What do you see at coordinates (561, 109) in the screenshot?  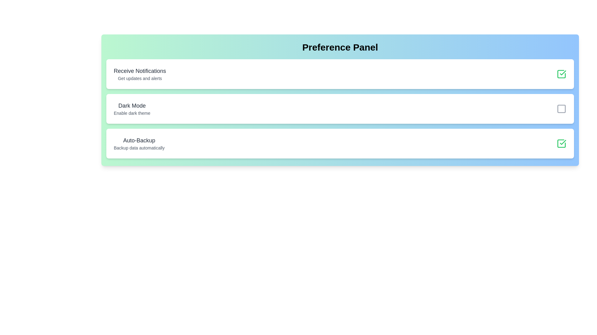 I see `the checkbox in the top-right corner of the 'Dark Mode' preference option` at bounding box center [561, 109].